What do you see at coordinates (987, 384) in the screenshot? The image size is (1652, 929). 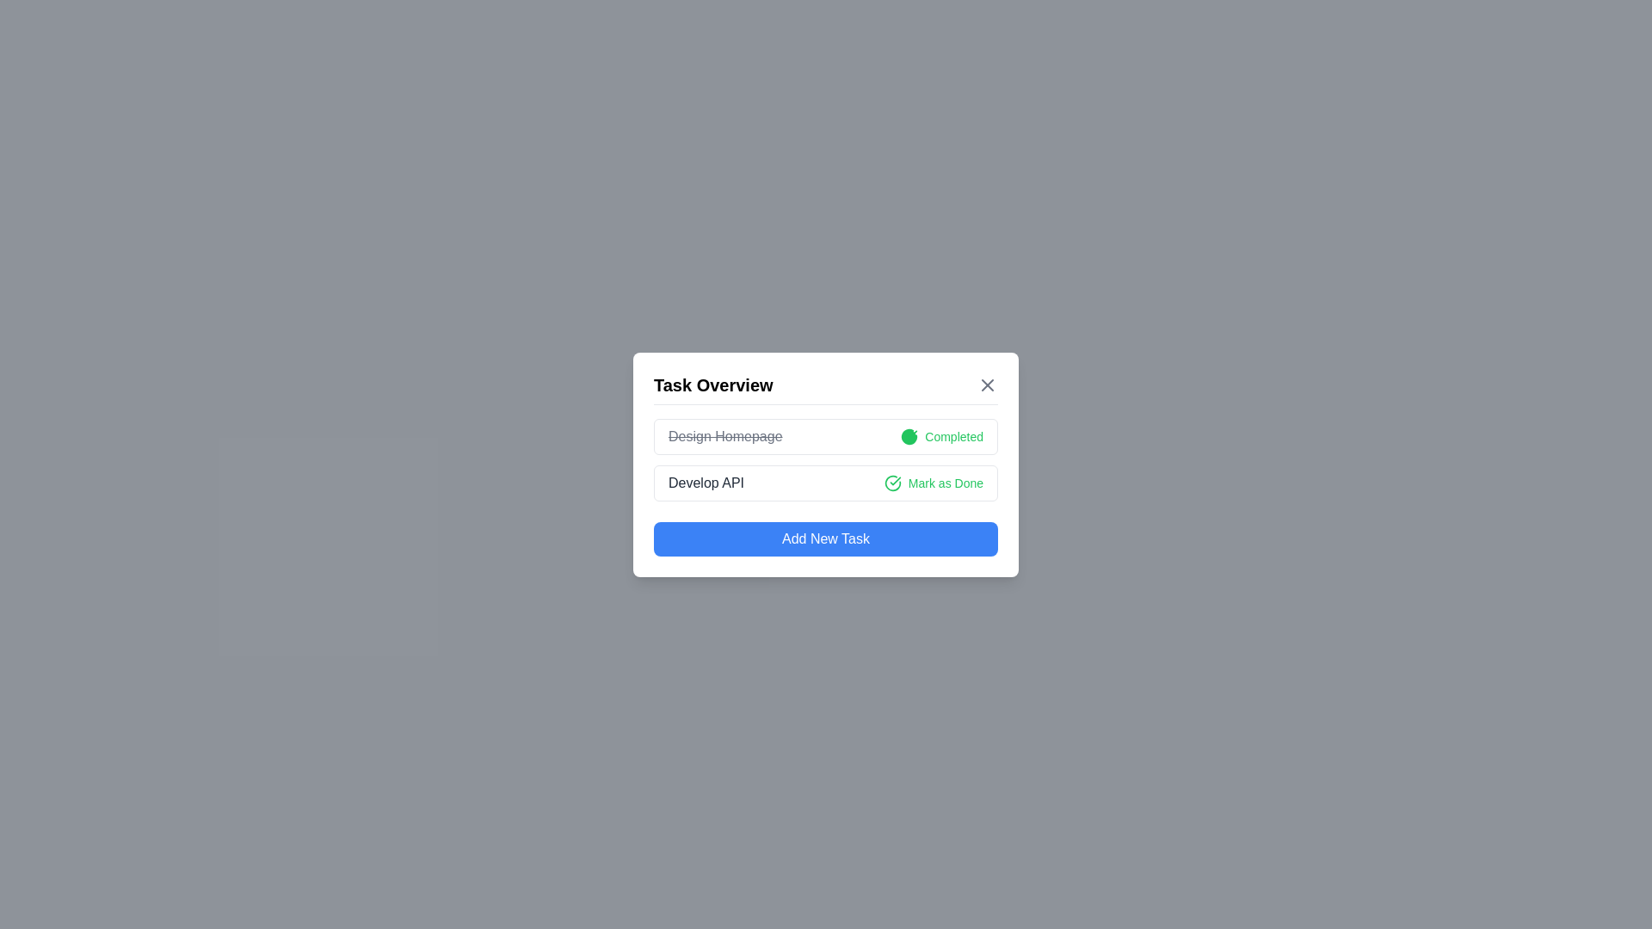 I see `the Close button icon located` at bounding box center [987, 384].